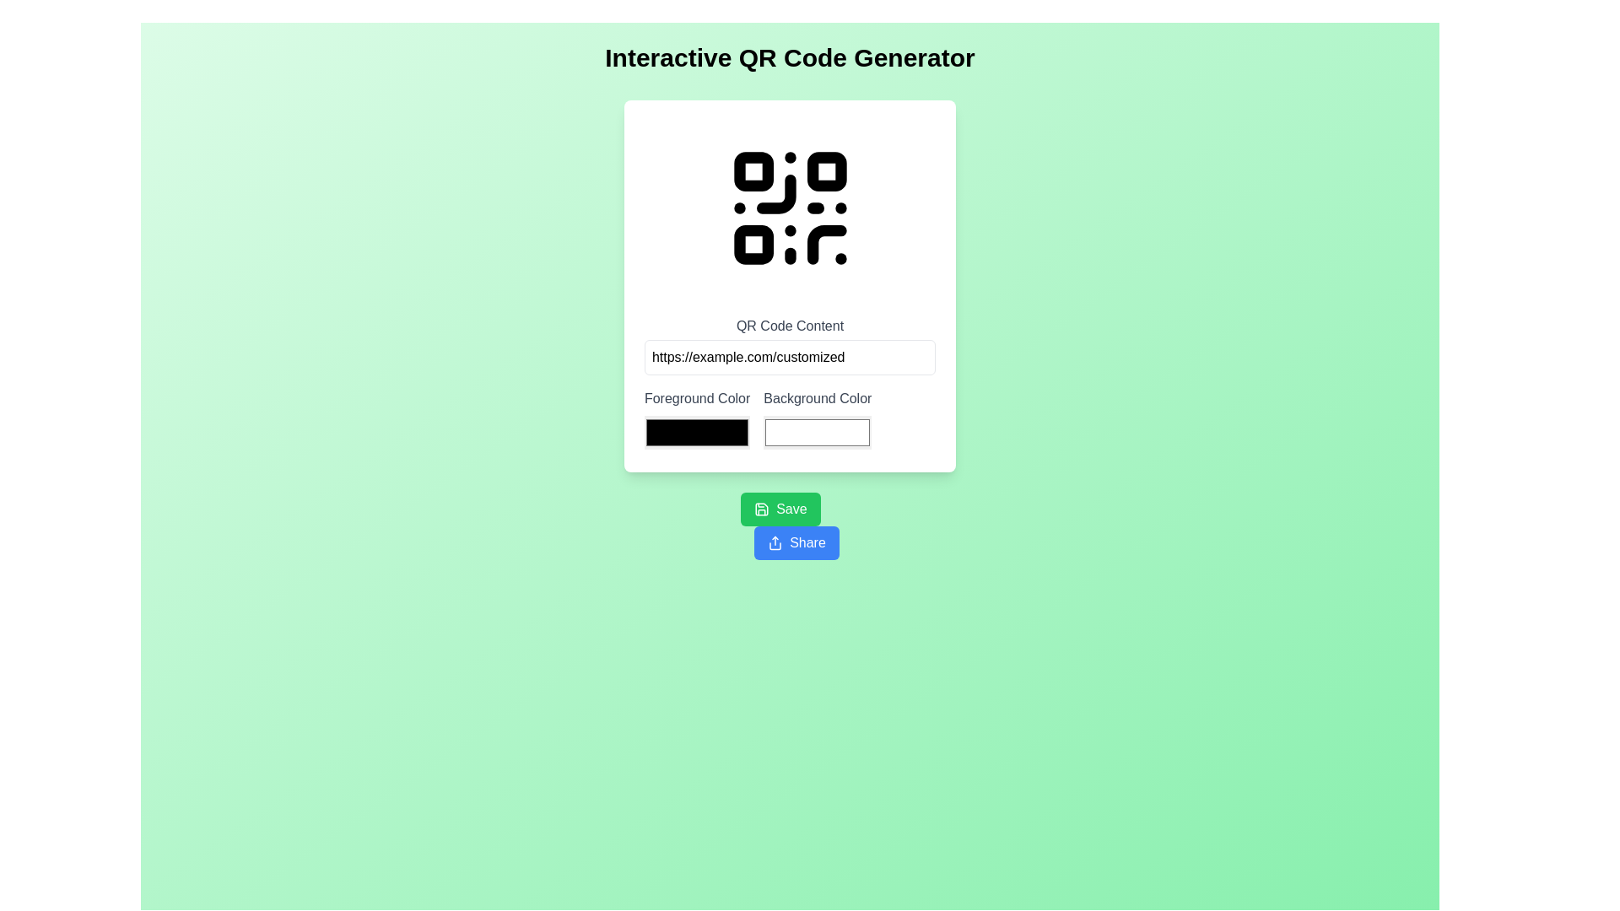  What do you see at coordinates (780, 509) in the screenshot?
I see `the green 'Save' button with rounded edges, which contains a white floppy disk icon and the text 'Save'` at bounding box center [780, 509].